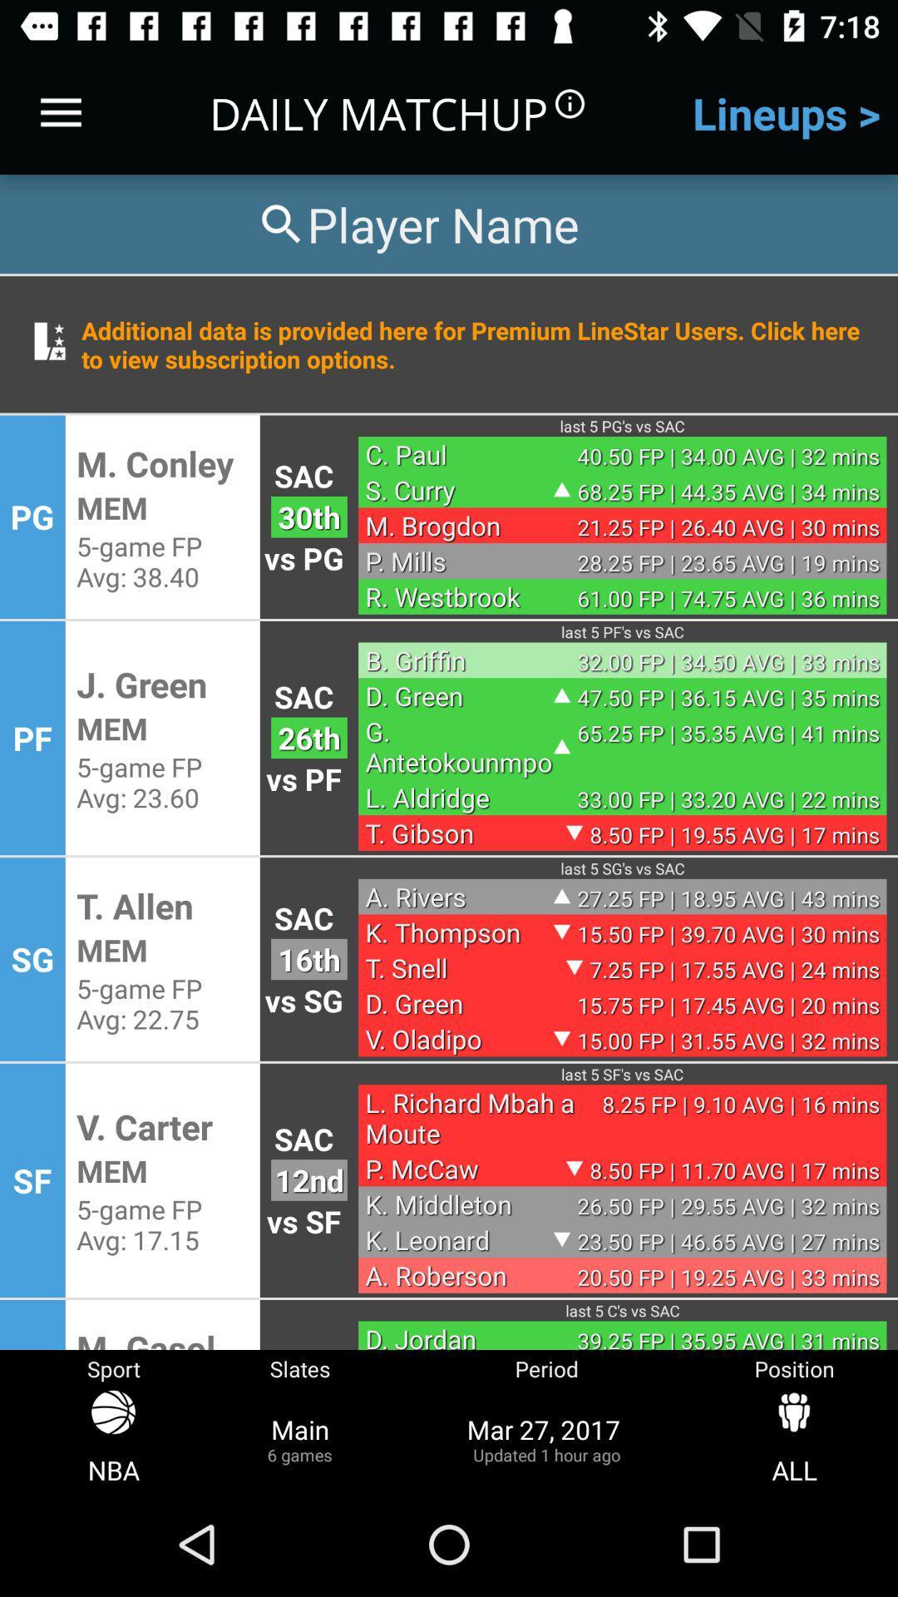  Describe the element at coordinates (416, 223) in the screenshot. I see `search for a player by name` at that location.